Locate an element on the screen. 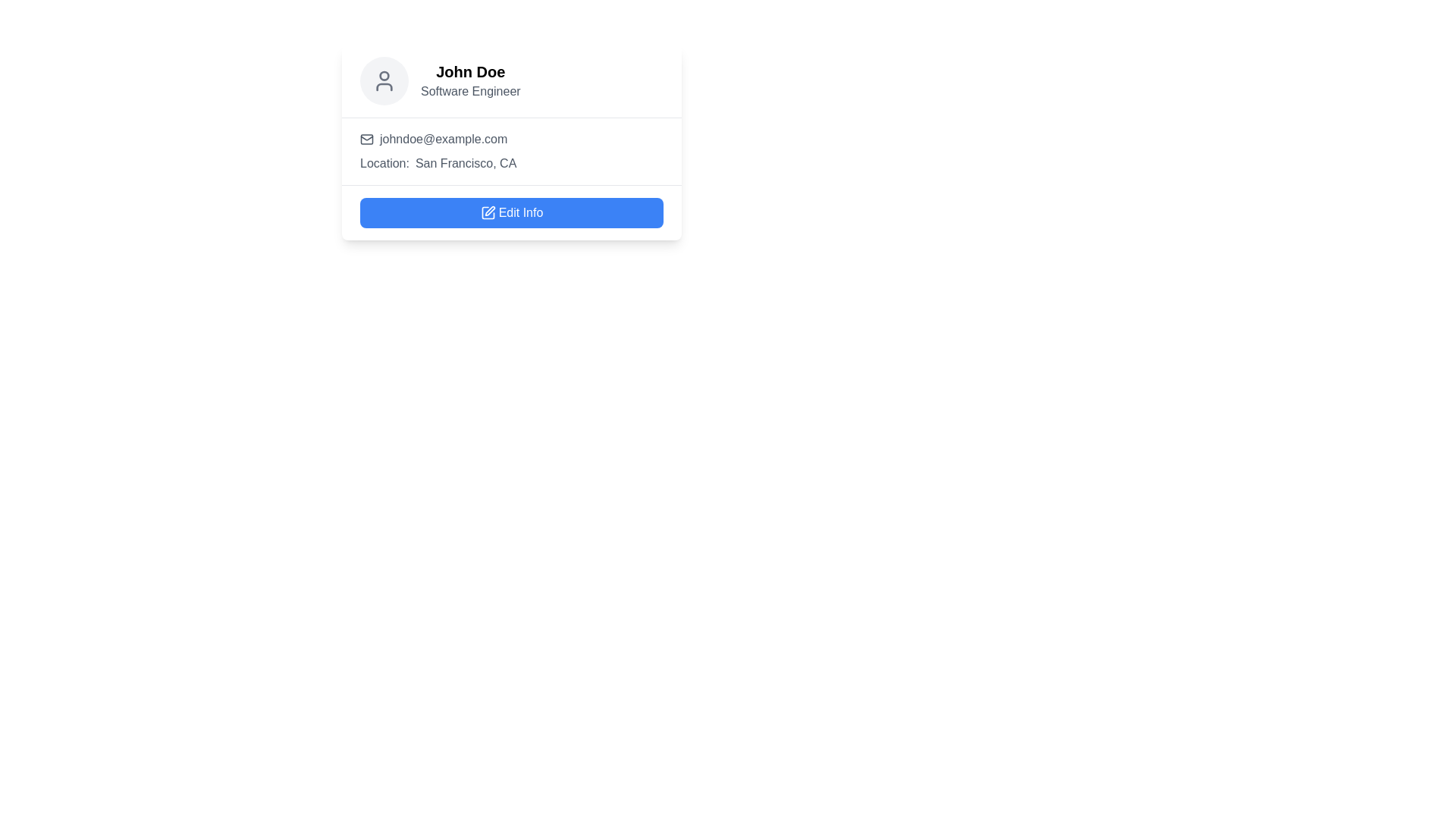 Image resolution: width=1456 pixels, height=819 pixels. the static text displaying the location detail 'San Francisco, CA', which is positioned to the right of the label 'Location:' is located at coordinates (465, 164).